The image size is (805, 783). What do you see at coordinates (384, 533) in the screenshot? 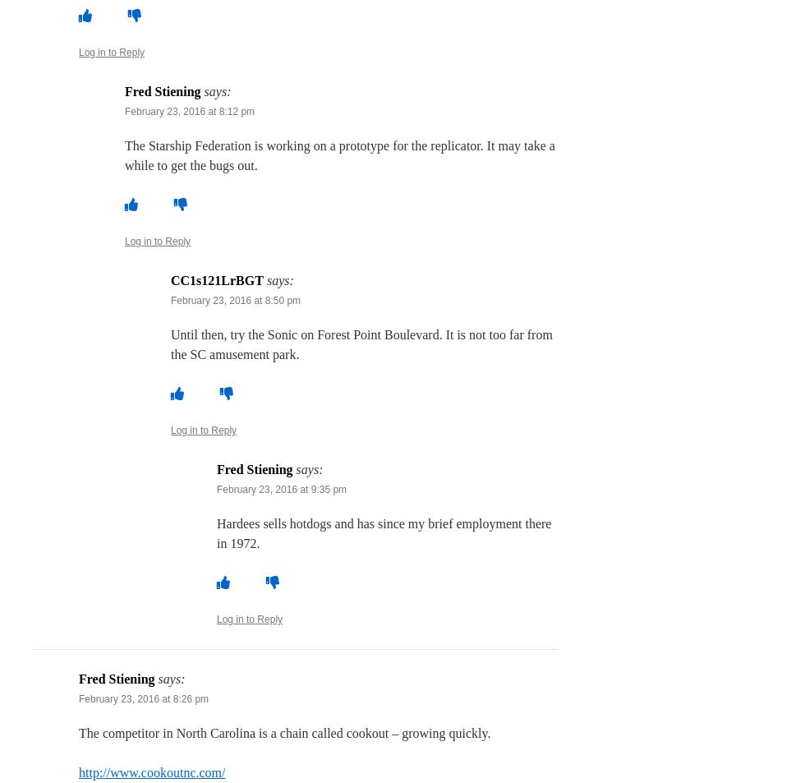
I see `'Hardees sells hotdogs and has since my brief employment there in 1972.'` at bounding box center [384, 533].